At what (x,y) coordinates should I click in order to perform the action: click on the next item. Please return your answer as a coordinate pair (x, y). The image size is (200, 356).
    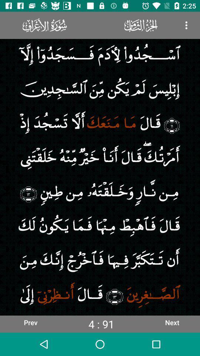
    Looking at the image, I should click on (172, 322).